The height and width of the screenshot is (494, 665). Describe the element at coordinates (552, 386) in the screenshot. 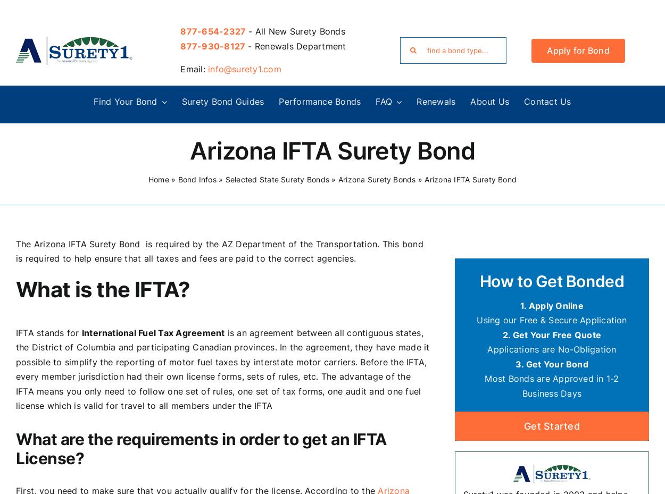

I see `'Most Bonds are Approved in 1-2 Business Days'` at that location.